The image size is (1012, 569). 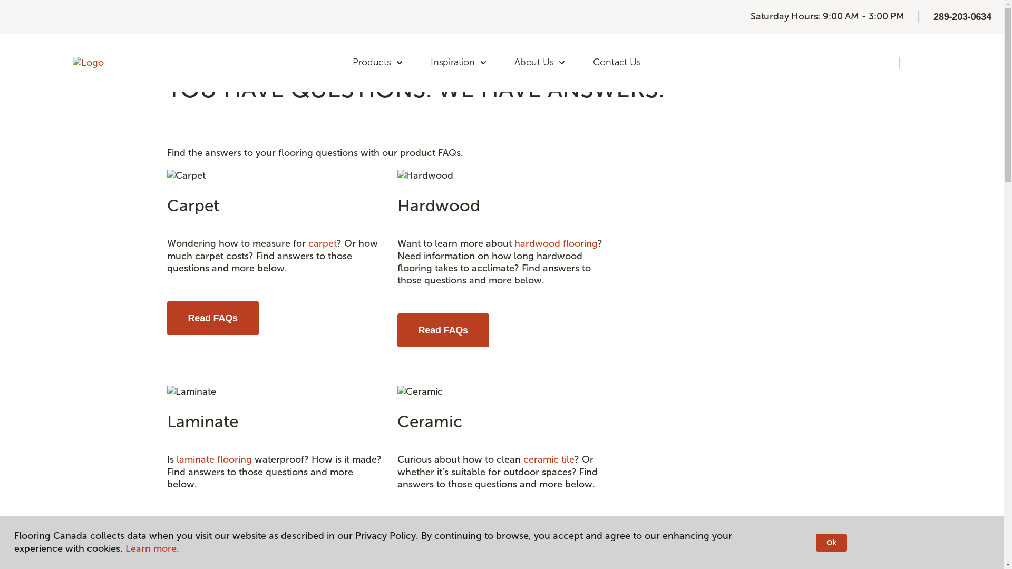 I want to click on 'Learn more.', so click(x=151, y=548).